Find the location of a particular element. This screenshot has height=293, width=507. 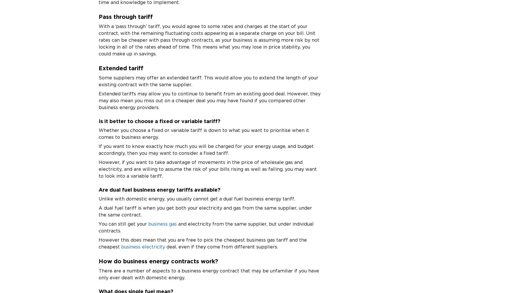

'However this does mean that you are free to pick the cheapest business gas tariff and the cheapest' is located at coordinates (202, 243).